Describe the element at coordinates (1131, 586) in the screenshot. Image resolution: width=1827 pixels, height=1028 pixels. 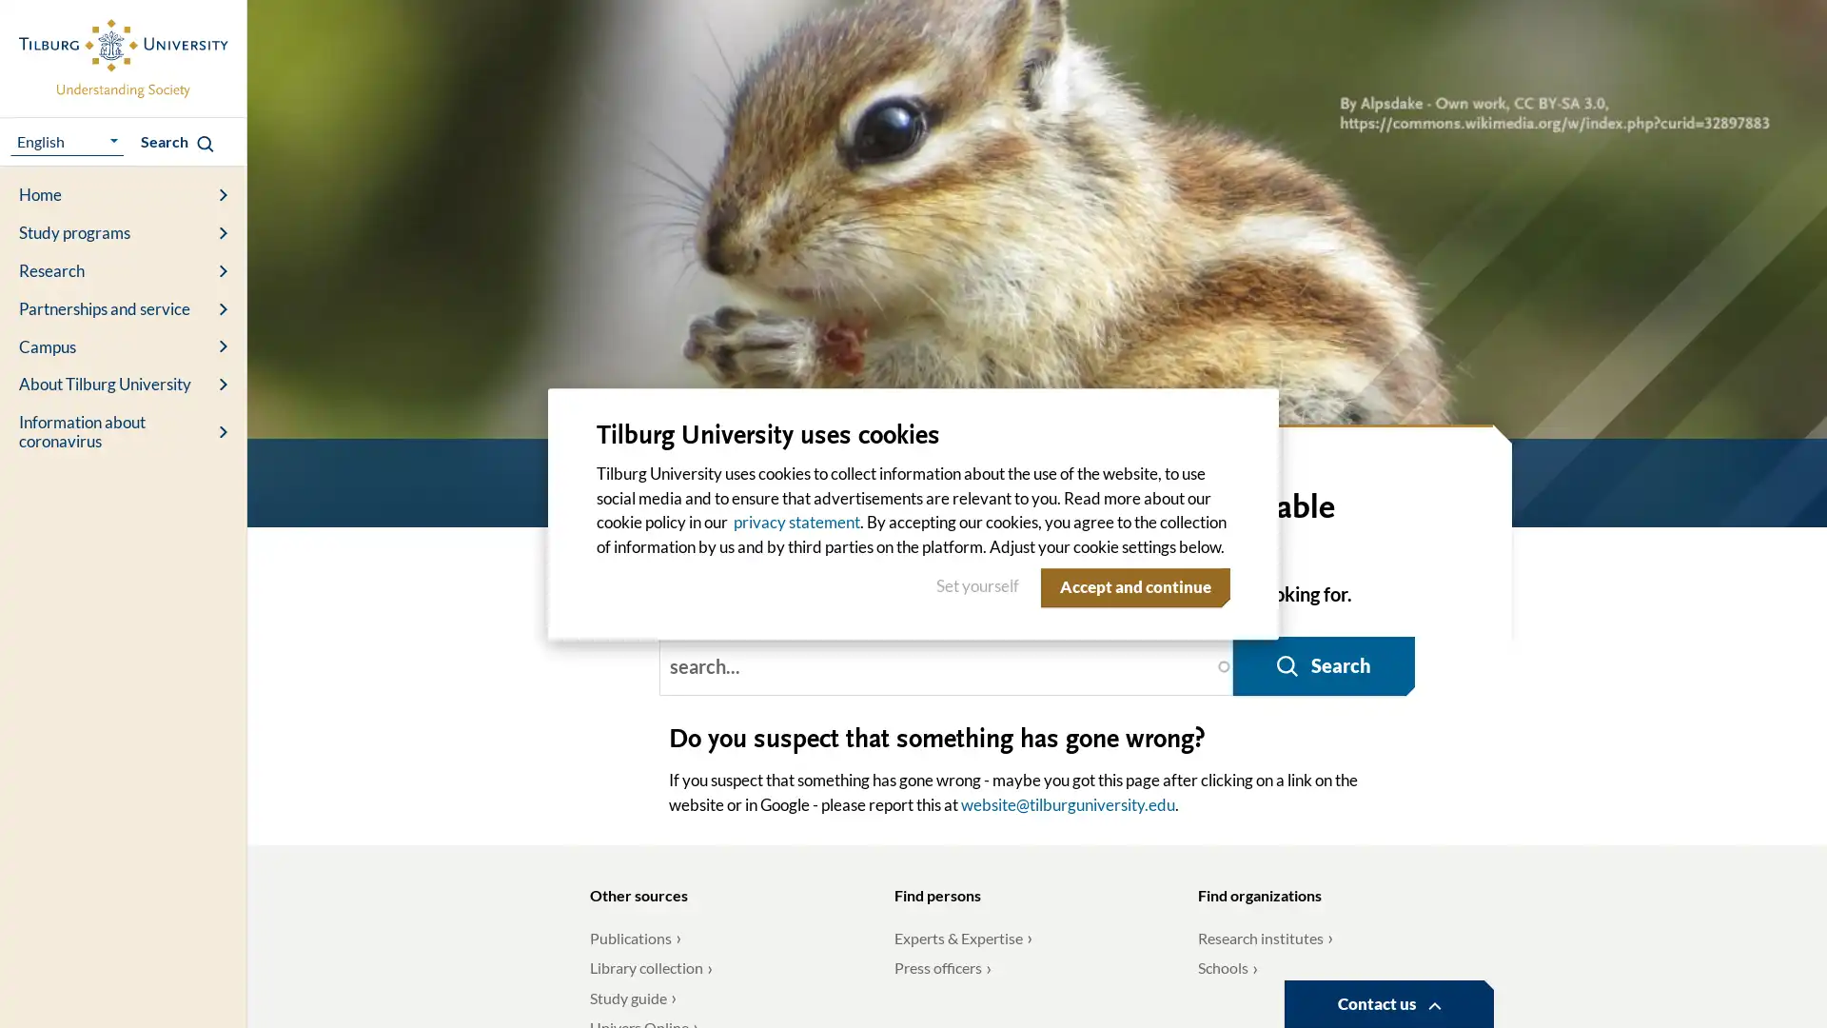
I see `Accept and continue` at that location.